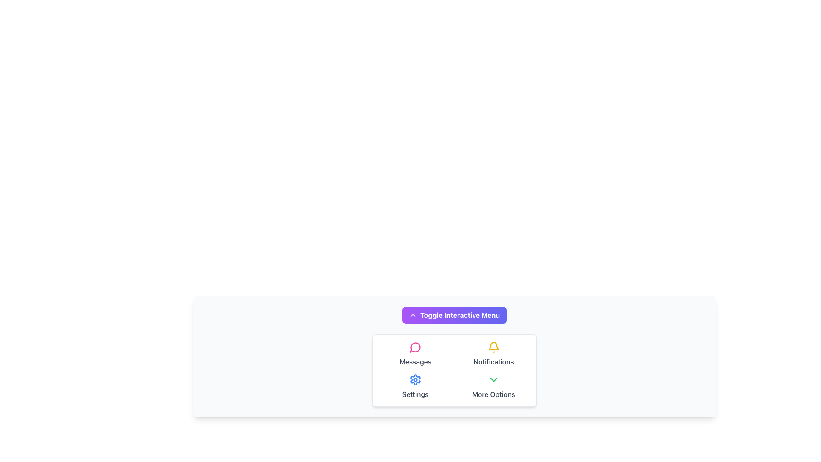 This screenshot has width=821, height=462. Describe the element at coordinates (454, 315) in the screenshot. I see `the 'Toggle Interactive Menu' button with a gradient background transitioning from purple to indigo to activate its hover effects` at that location.